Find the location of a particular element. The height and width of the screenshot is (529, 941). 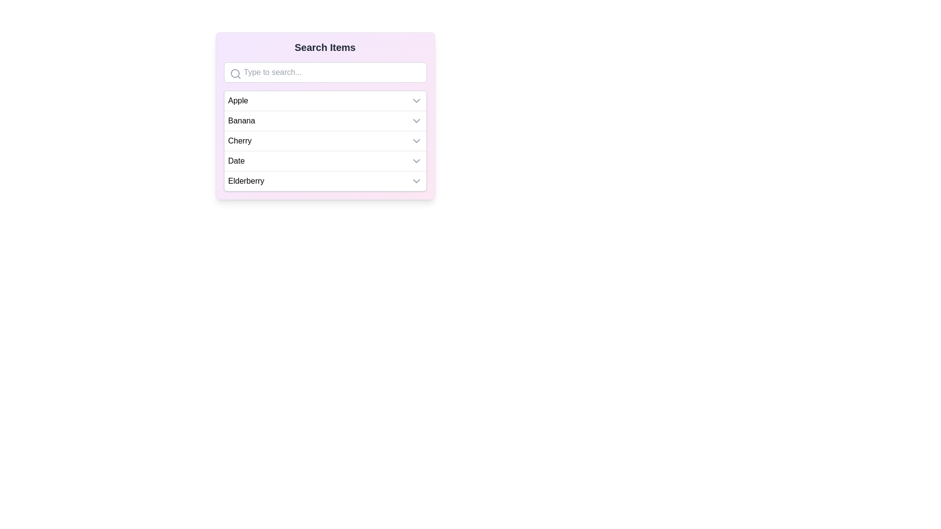

the downward-pointing chevron icon located to the right of the text 'Banana' in the second row of the vertical list to trigger potential hover effects is located at coordinates (416, 120).